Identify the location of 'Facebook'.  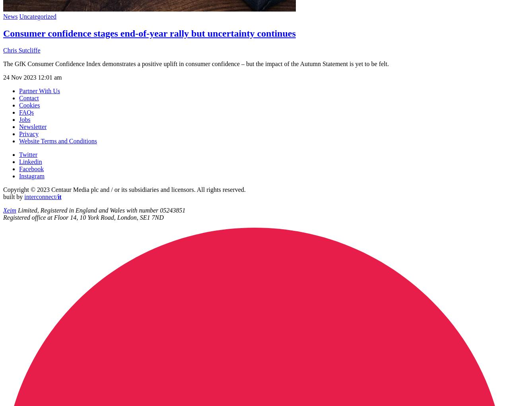
(31, 168).